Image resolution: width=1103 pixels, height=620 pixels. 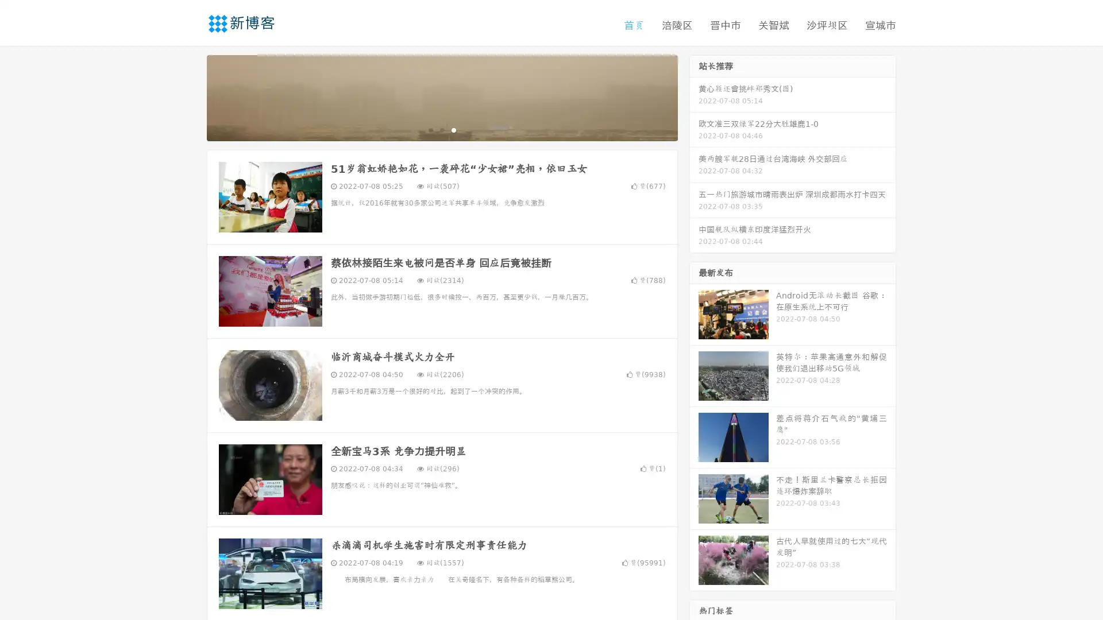 What do you see at coordinates (441, 129) in the screenshot?
I see `Go to slide 2` at bounding box center [441, 129].